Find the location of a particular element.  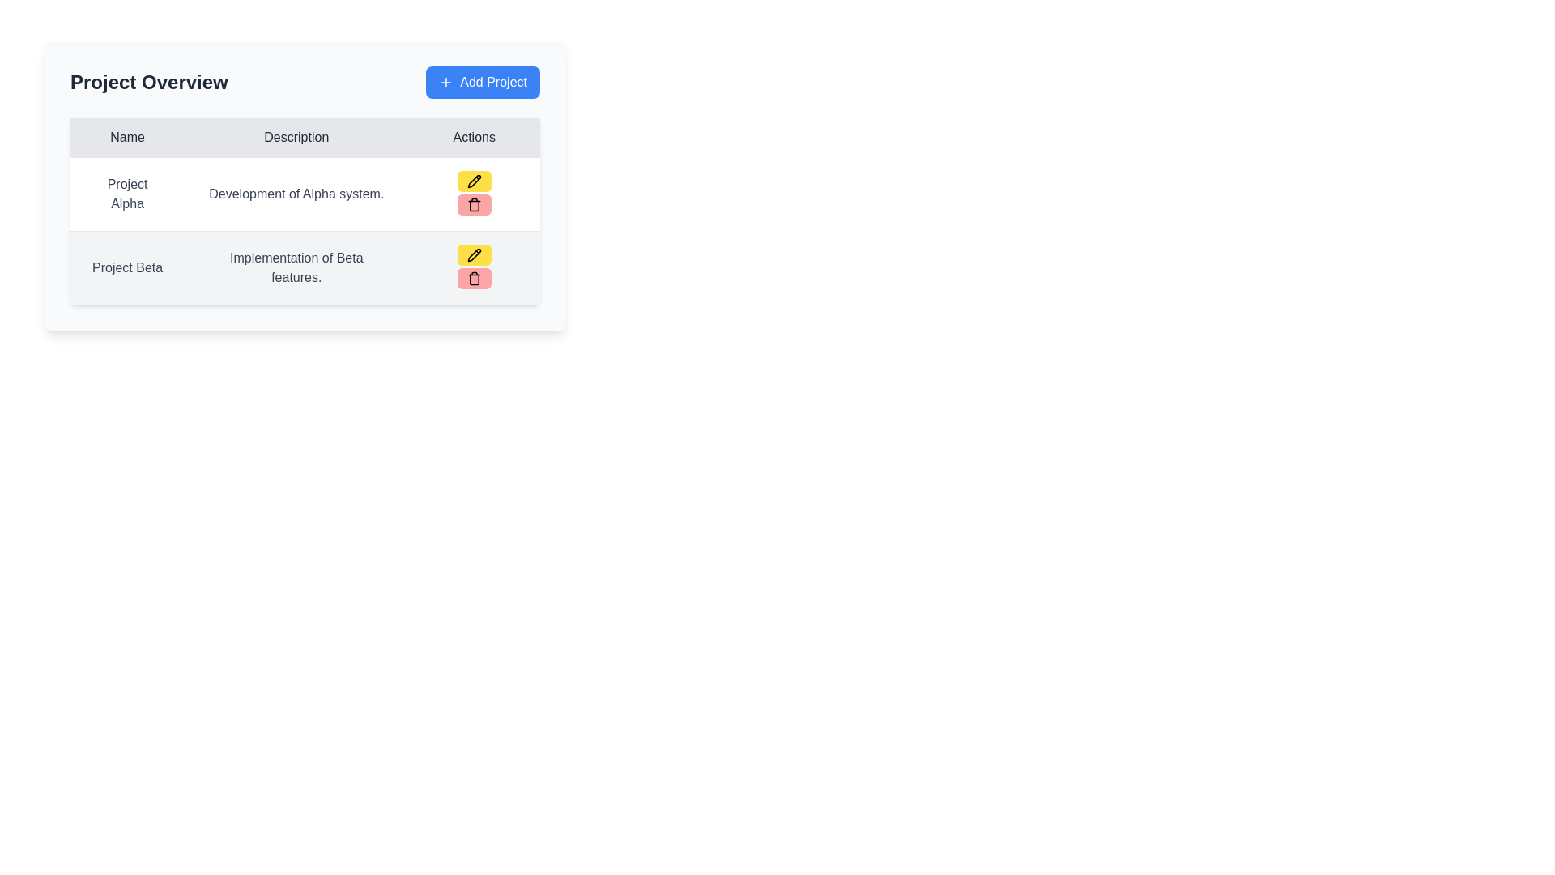

the blue 'Add Project' button with white text and a '+' icon located at the top-right corner of the 'Project Overview' section is located at coordinates (482, 82).